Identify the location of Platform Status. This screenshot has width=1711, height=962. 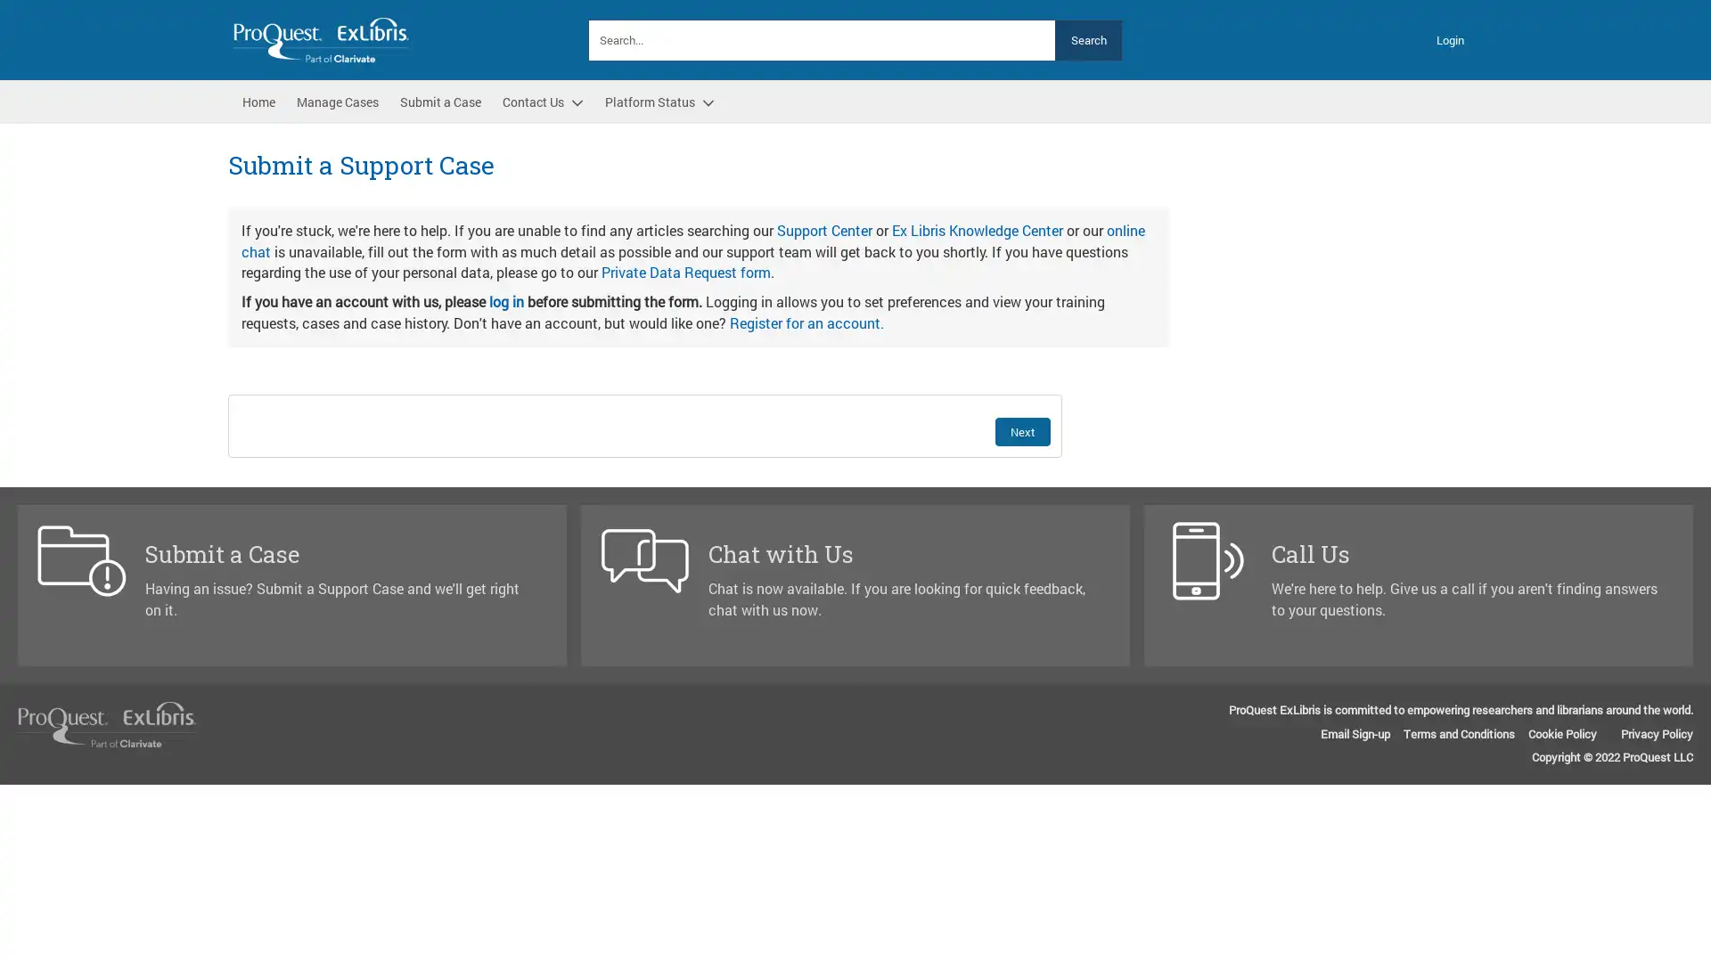
(659, 102).